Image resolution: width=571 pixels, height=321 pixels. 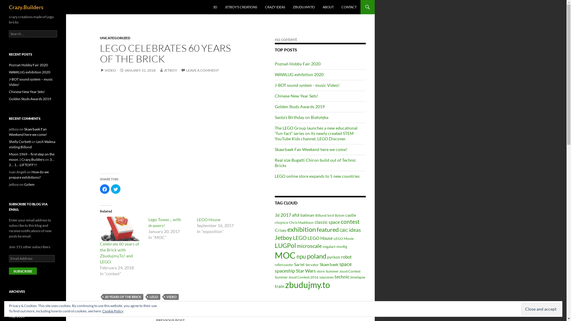 I want to click on 'store', so click(x=320, y=271).